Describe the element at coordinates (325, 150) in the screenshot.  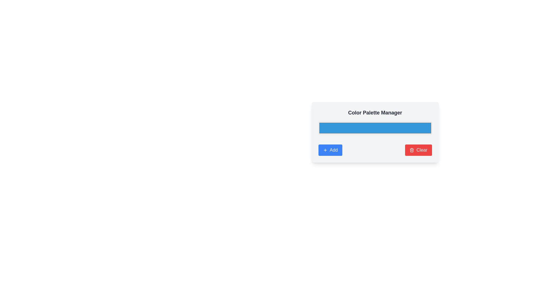
I see `the small plus icon located within the blue rectangular button labeled 'Add' at the bottom-left corner of the form interface` at that location.